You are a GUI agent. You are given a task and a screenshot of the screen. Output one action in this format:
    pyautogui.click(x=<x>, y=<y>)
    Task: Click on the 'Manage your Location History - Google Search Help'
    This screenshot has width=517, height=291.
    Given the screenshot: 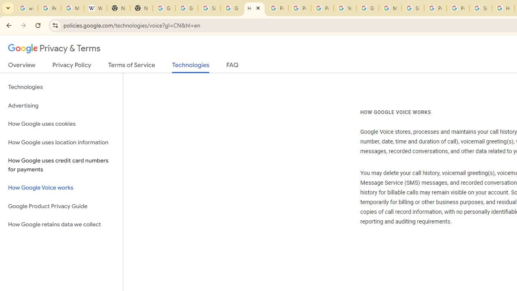 What is the action you would take?
    pyautogui.click(x=72, y=8)
    